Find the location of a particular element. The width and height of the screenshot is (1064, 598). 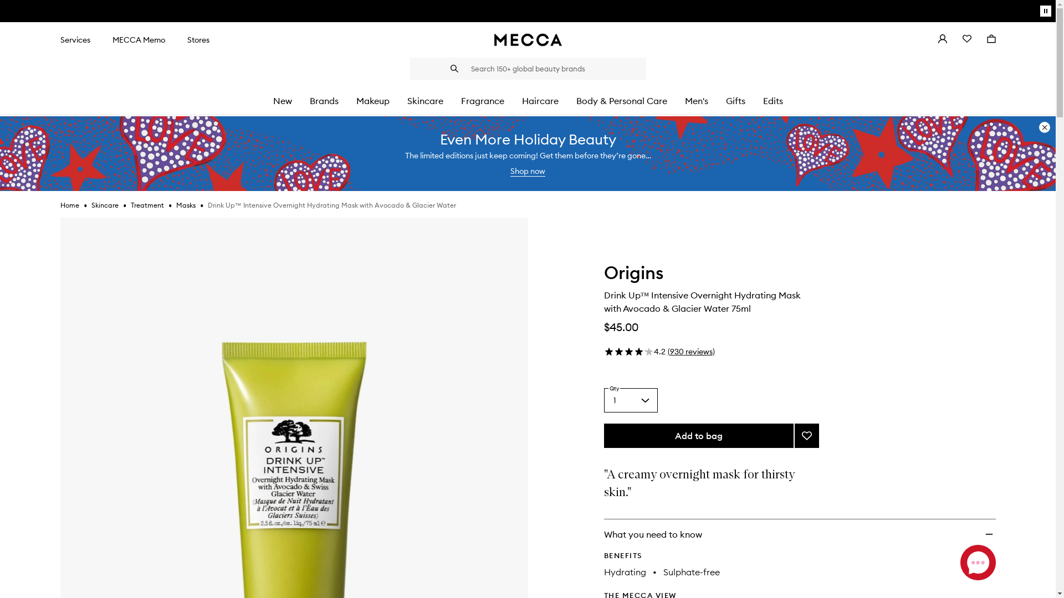

'1' is located at coordinates (631, 400).